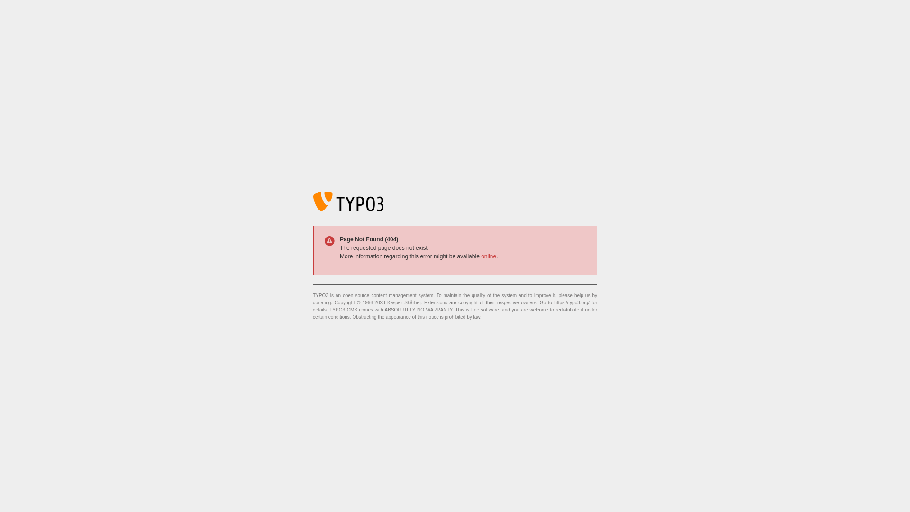  I want to click on 'https://typo3.org/', so click(571, 302).